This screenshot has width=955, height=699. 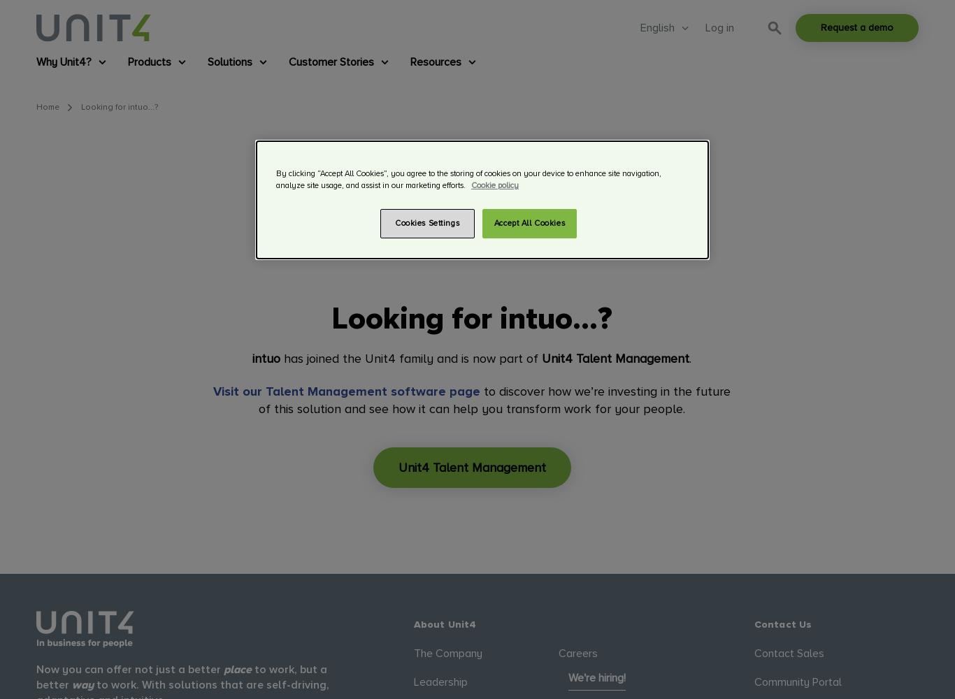 I want to click on 'Careers', so click(x=557, y=653).